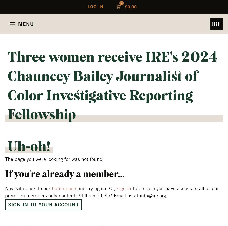 This screenshot has height=226, width=228. Describe the element at coordinates (87, 7) in the screenshot. I see `'LOG IN'` at that location.